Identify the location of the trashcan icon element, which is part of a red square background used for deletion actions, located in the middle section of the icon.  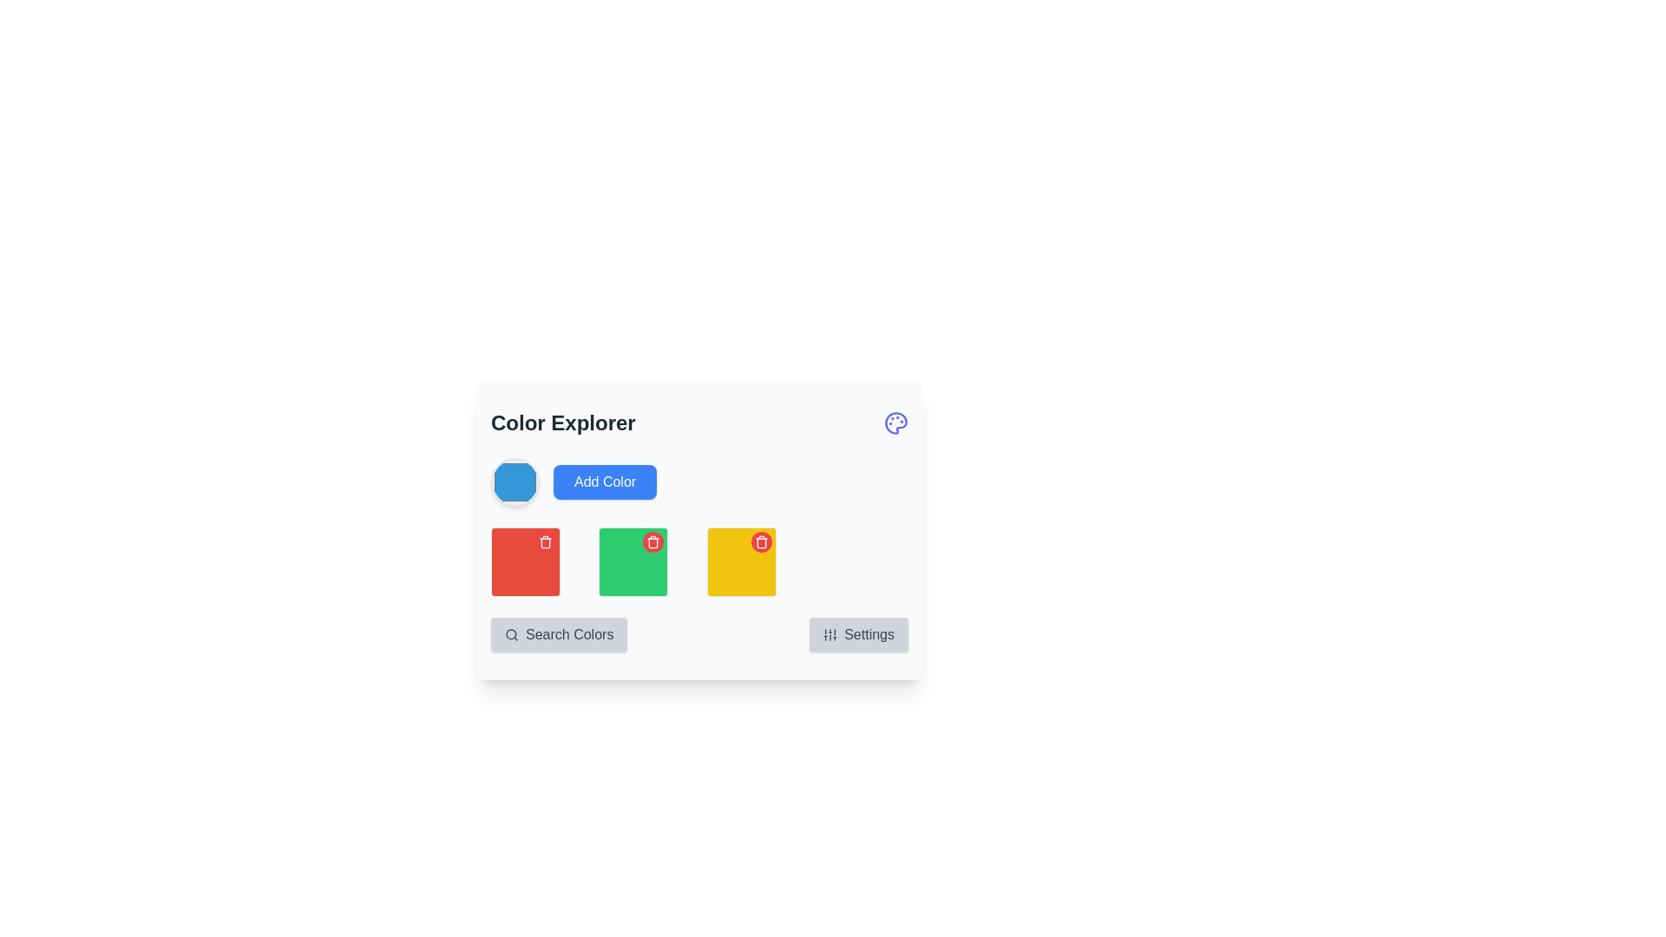
(761, 542).